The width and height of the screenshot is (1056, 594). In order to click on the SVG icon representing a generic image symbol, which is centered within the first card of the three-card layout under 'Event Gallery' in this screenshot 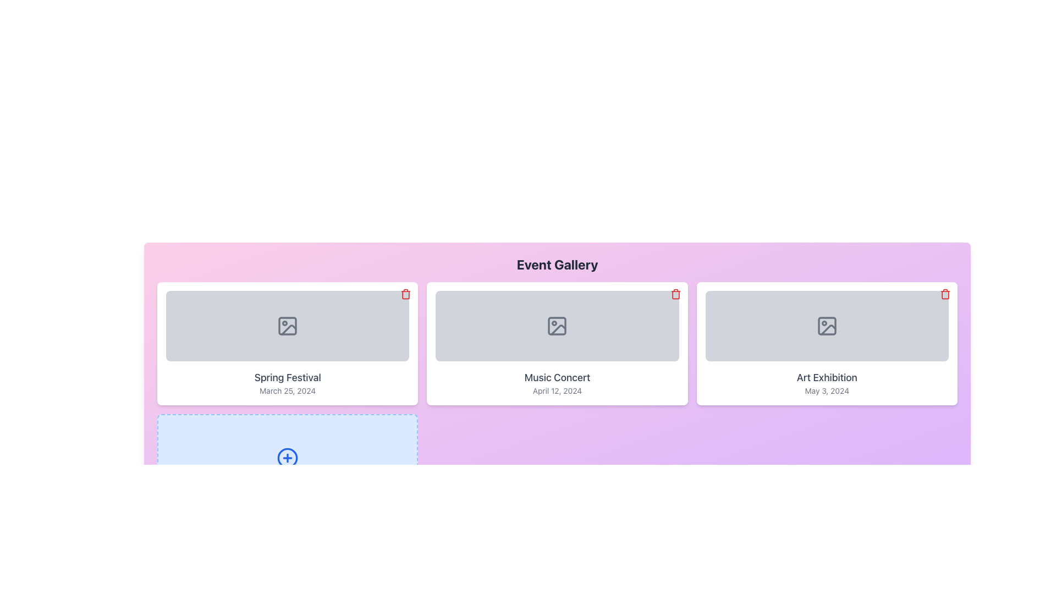, I will do `click(288, 326)`.